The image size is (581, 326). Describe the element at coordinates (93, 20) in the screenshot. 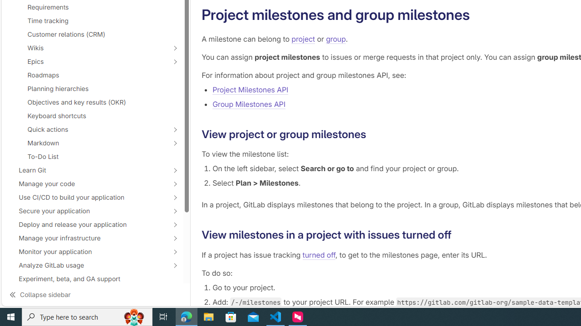

I see `'Time tracking'` at that location.